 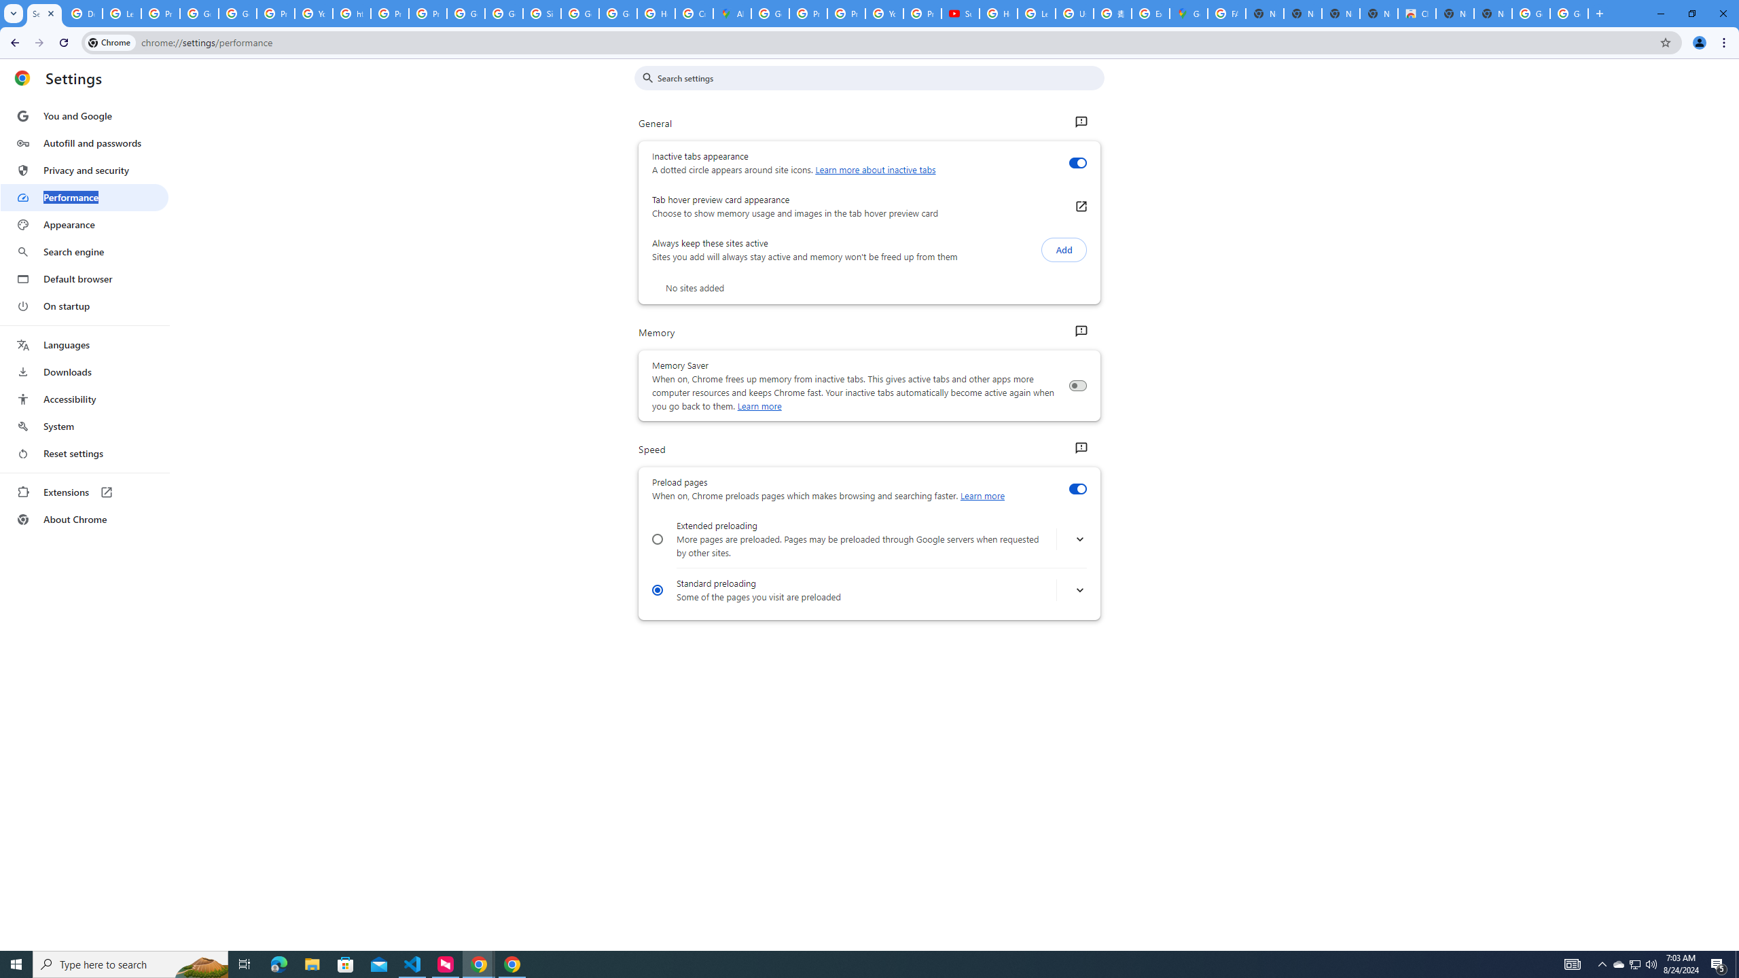 I want to click on 'New Tab', so click(x=1492, y=13).